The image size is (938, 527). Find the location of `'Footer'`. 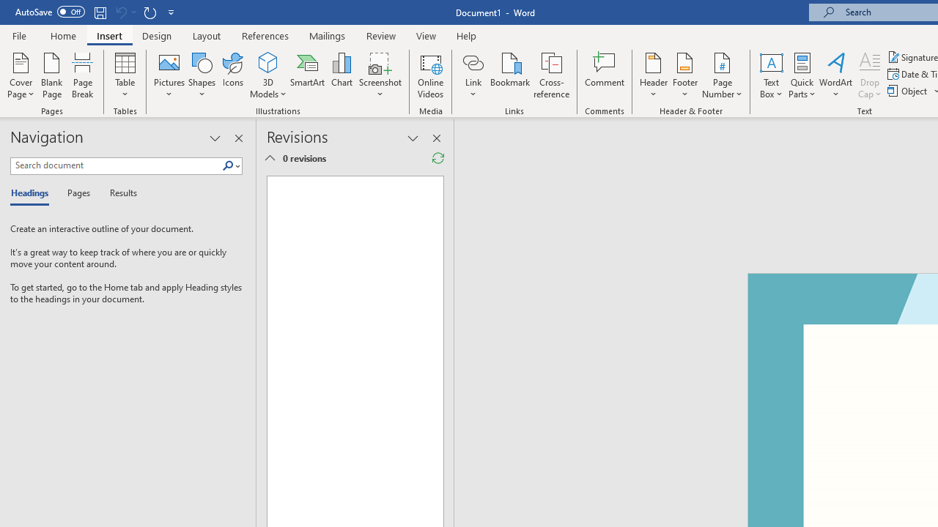

'Footer' is located at coordinates (684, 75).